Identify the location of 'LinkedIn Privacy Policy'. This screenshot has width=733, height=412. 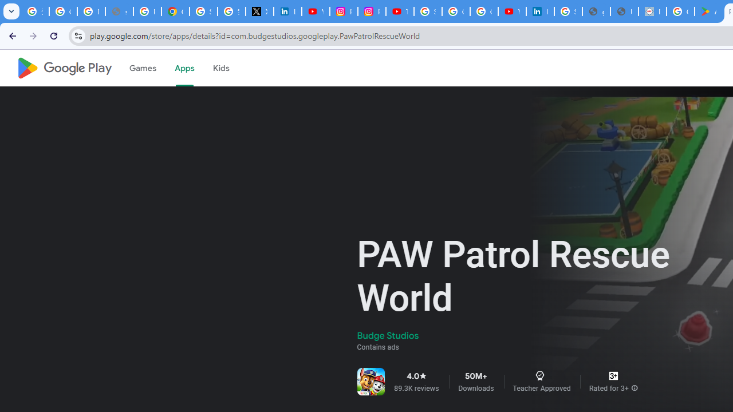
(287, 11).